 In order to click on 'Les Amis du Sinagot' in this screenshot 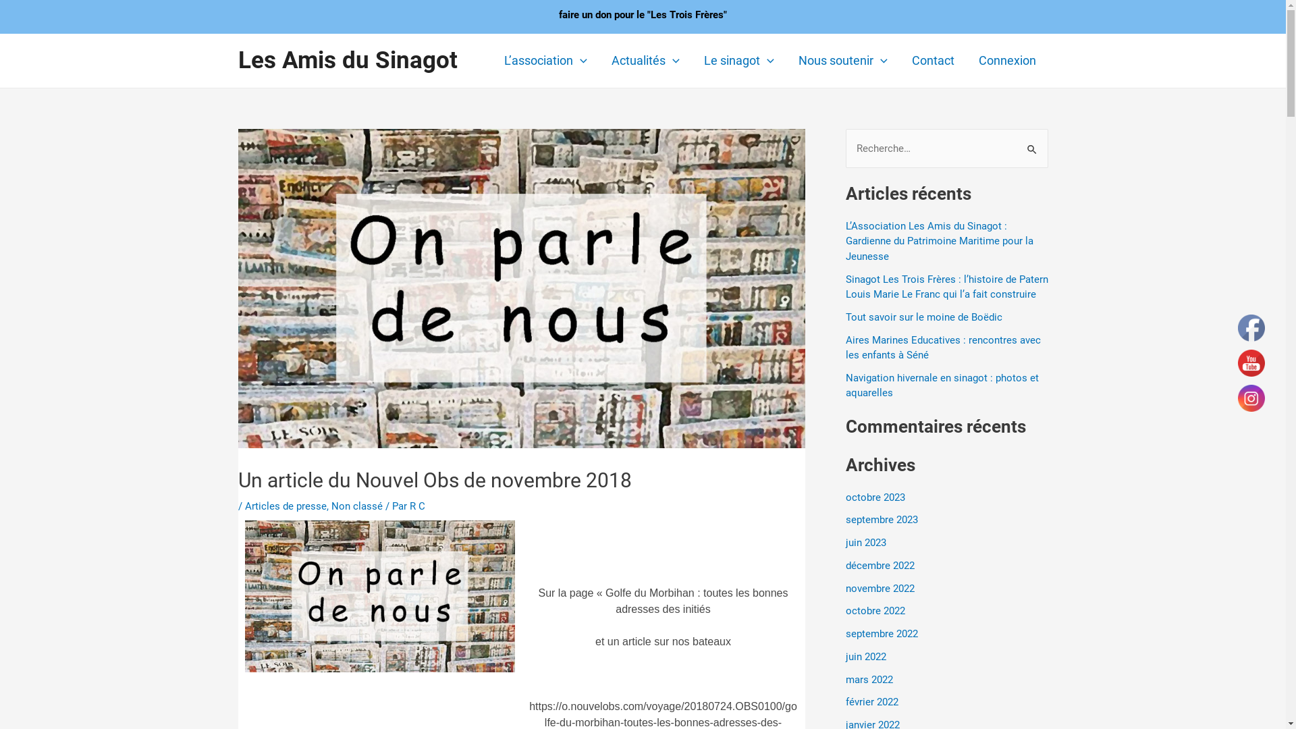, I will do `click(347, 59)`.